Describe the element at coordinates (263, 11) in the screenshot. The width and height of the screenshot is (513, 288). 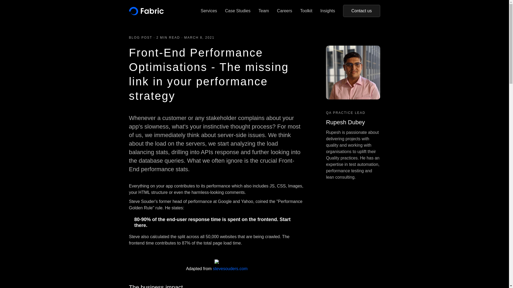
I see `'Team'` at that location.